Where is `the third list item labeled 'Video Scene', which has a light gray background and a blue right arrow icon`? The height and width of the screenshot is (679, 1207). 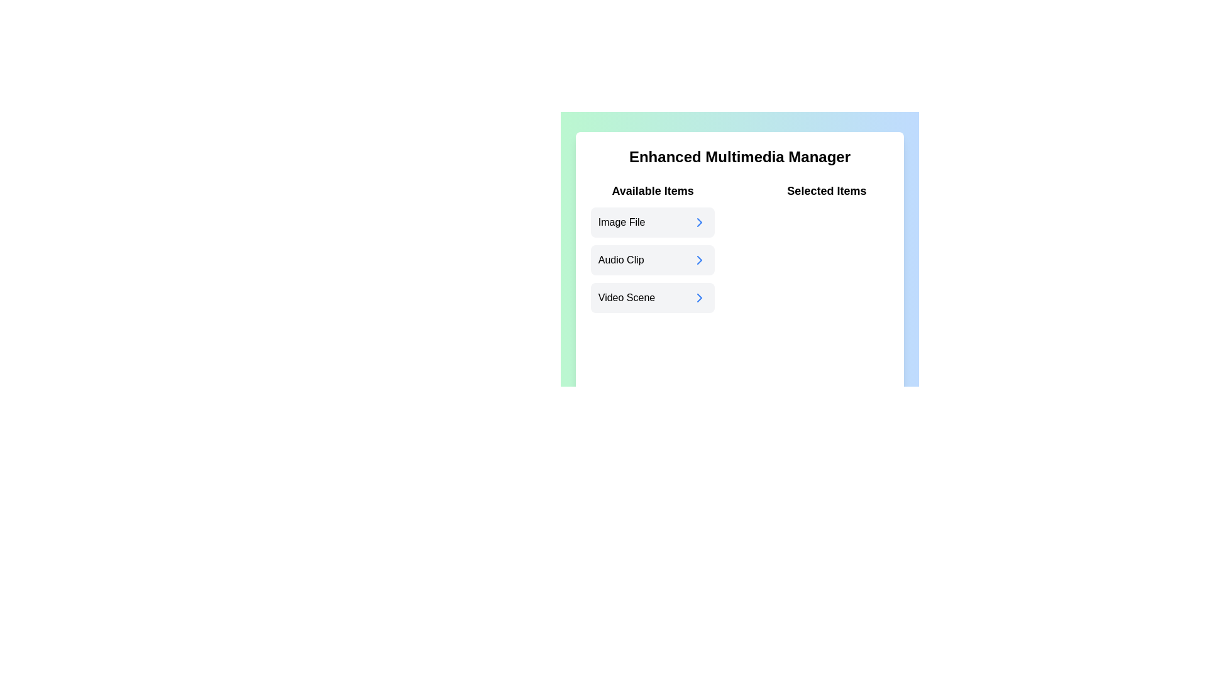
the third list item labeled 'Video Scene', which has a light gray background and a blue right arrow icon is located at coordinates (653, 298).